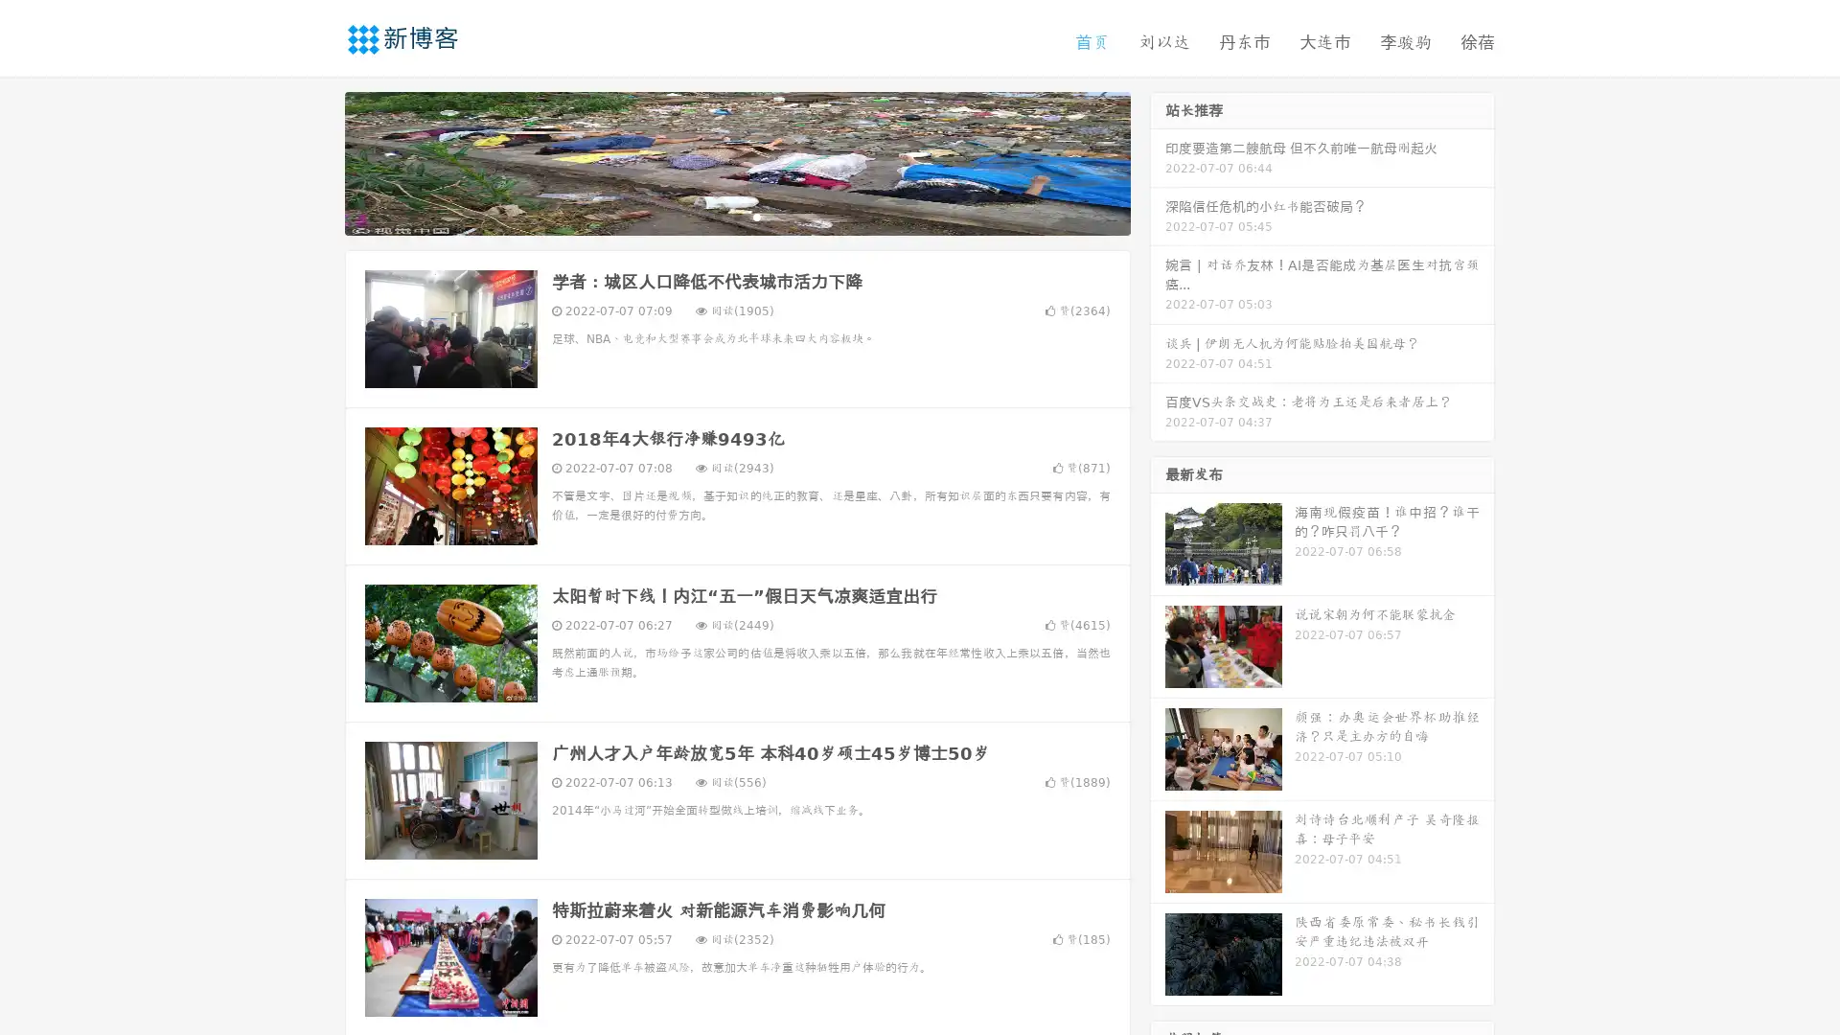 This screenshot has width=1840, height=1035. What do you see at coordinates (316, 161) in the screenshot?
I see `Previous slide` at bounding box center [316, 161].